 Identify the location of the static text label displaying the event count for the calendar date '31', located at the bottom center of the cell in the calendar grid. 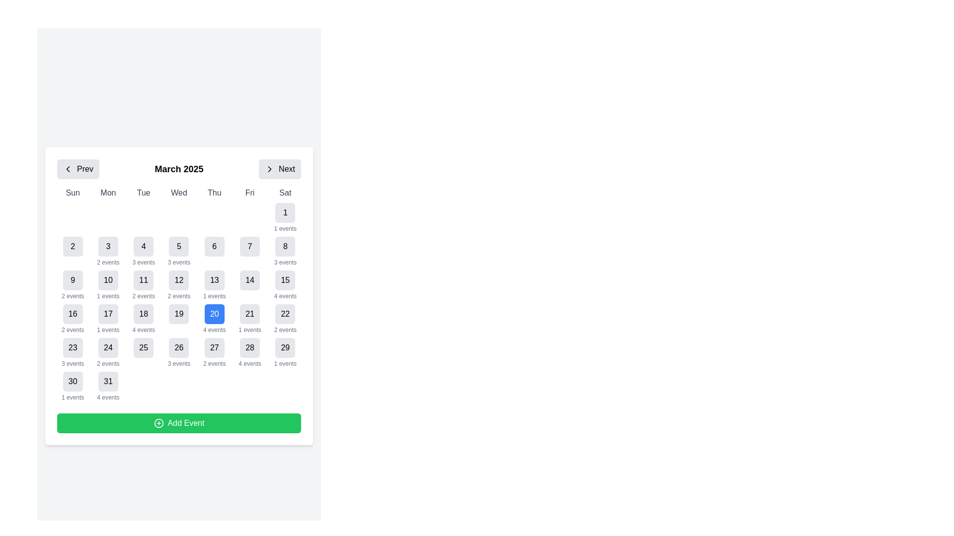
(108, 397).